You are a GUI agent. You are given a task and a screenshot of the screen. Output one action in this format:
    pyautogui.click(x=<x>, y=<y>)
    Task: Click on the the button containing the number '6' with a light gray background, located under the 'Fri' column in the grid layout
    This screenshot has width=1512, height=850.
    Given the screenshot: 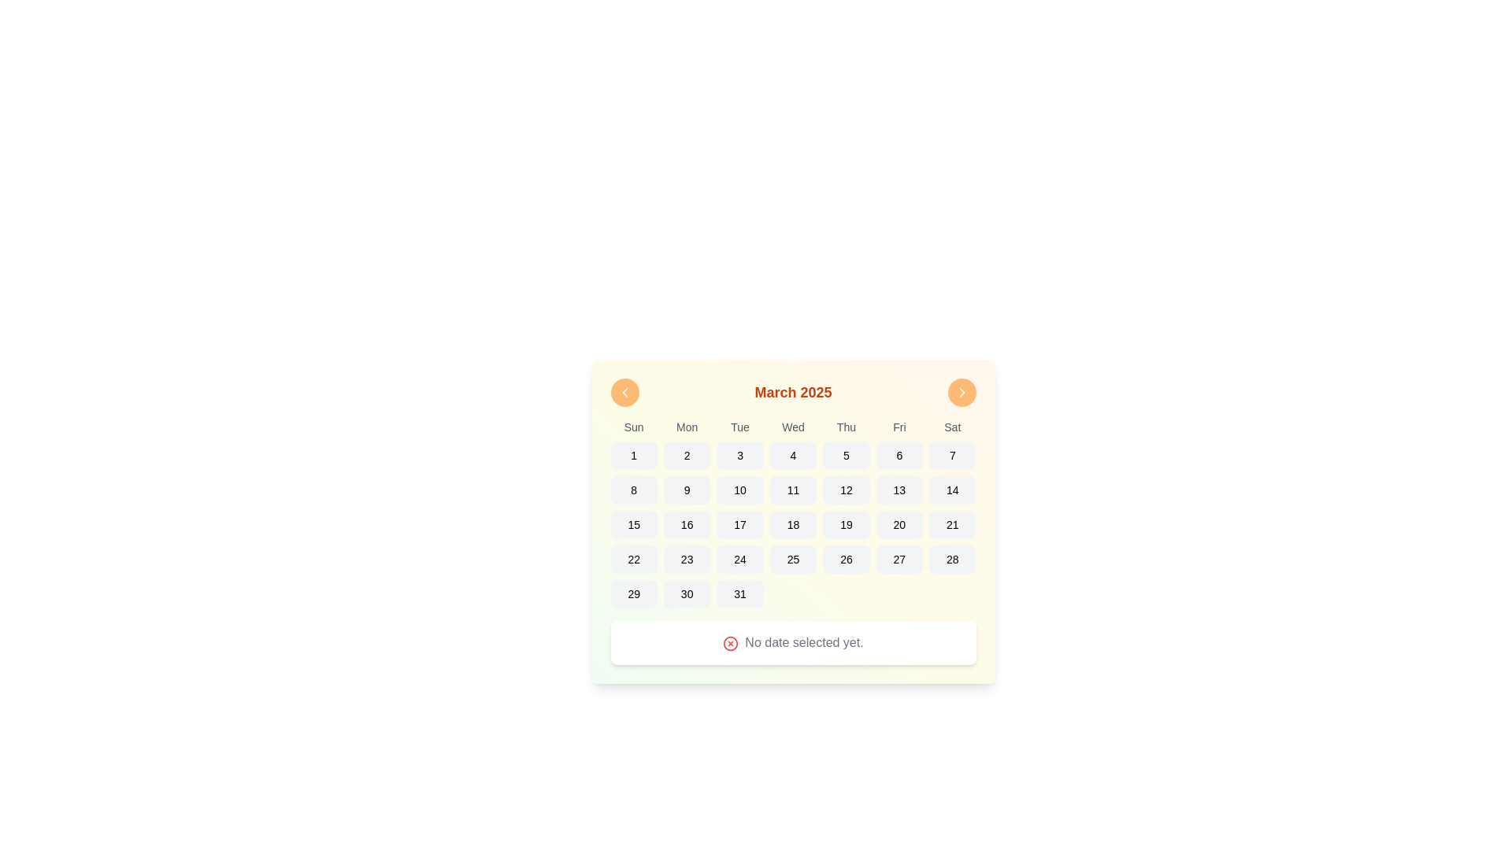 What is the action you would take?
    pyautogui.click(x=899, y=455)
    